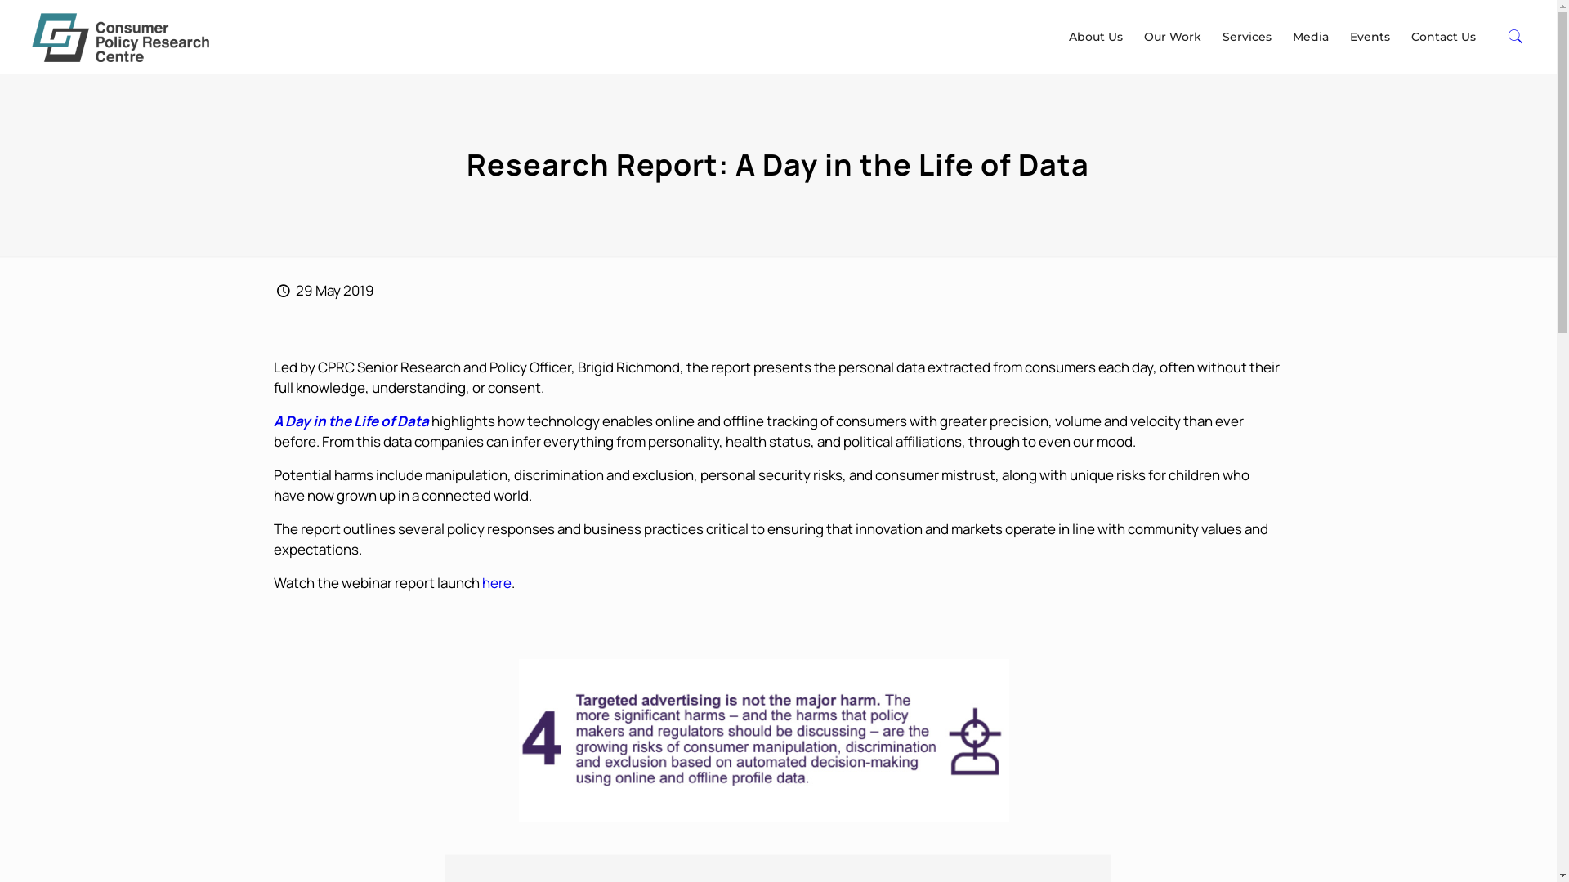  I want to click on 'About Us', so click(1058, 37).